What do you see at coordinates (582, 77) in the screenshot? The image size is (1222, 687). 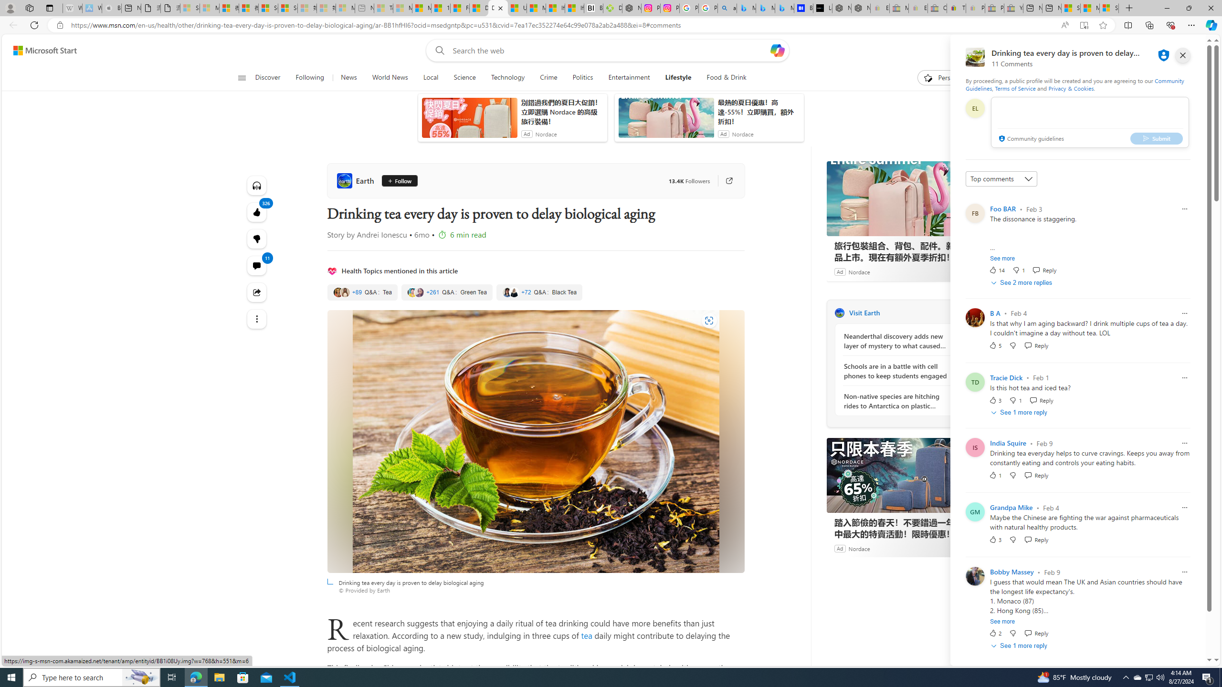 I see `'Politics'` at bounding box center [582, 77].